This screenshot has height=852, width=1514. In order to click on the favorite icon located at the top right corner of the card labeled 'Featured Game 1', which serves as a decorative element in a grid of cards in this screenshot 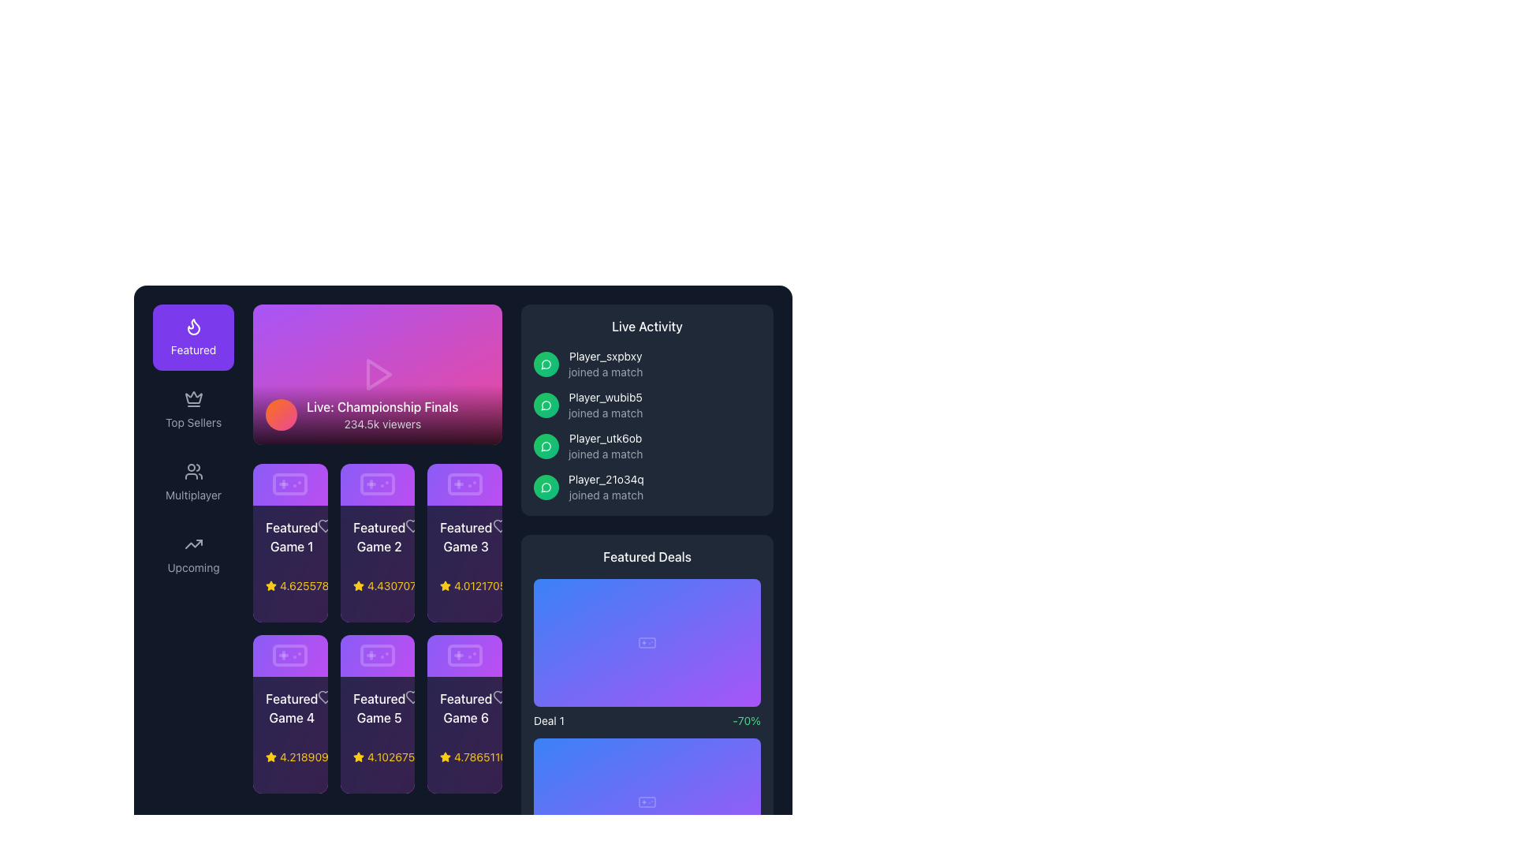, I will do `click(325, 525)`.